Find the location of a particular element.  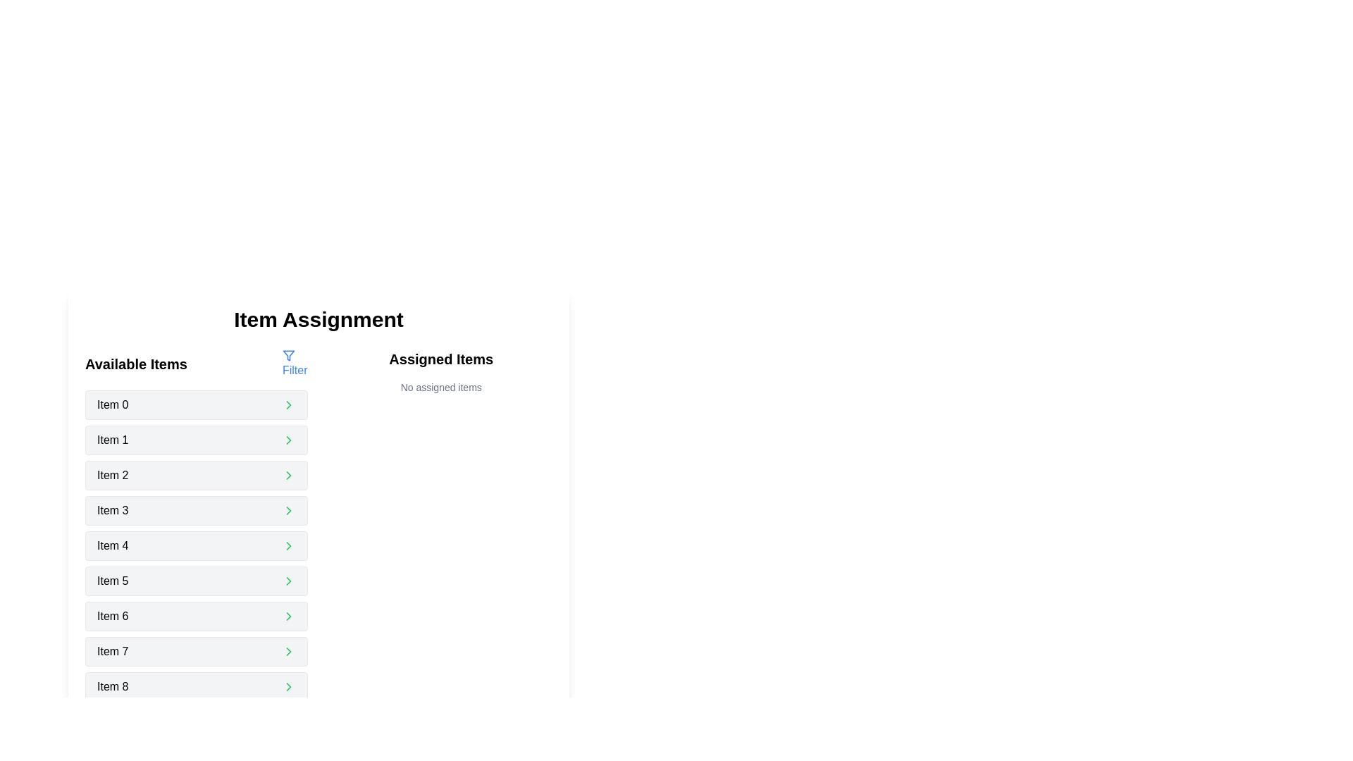

the small right-pointing green chevron arrow icon next to 'Item 5' in the 'Available Items' list is located at coordinates (288, 581).